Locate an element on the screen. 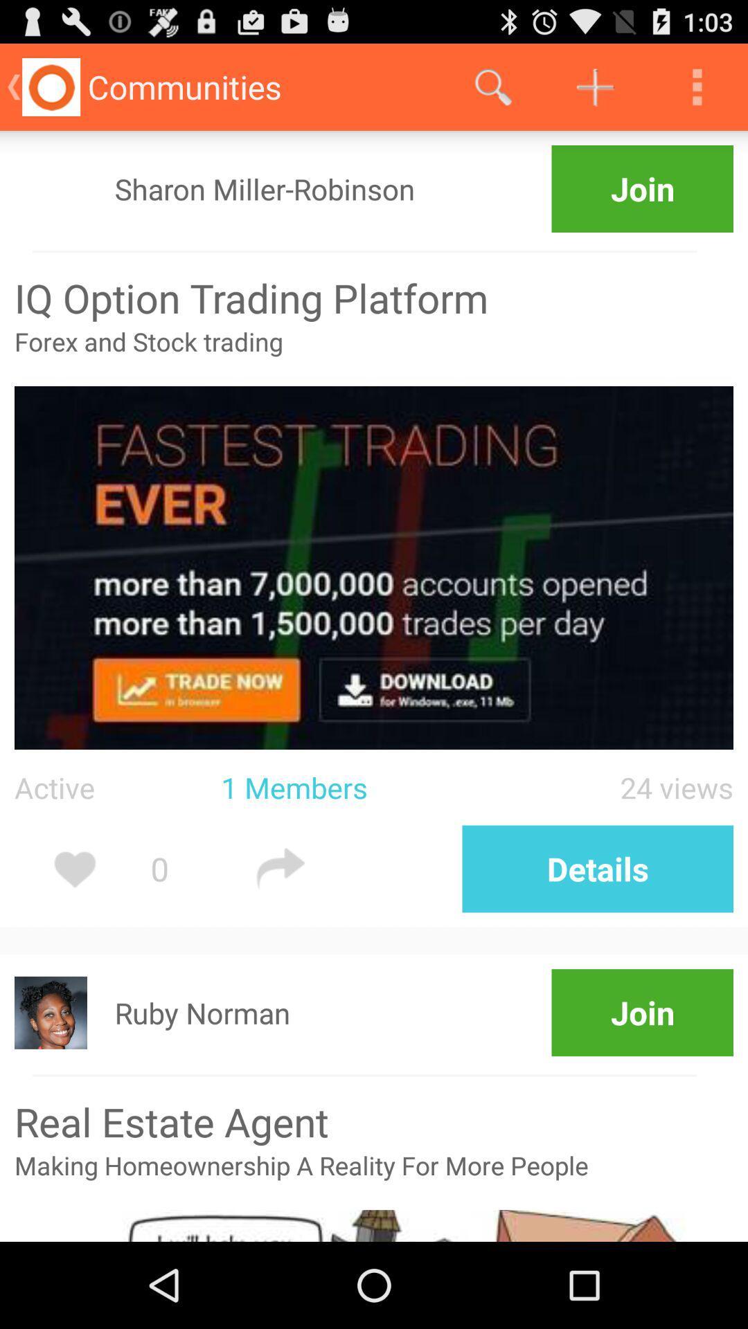  real estate agent is located at coordinates (374, 1121).